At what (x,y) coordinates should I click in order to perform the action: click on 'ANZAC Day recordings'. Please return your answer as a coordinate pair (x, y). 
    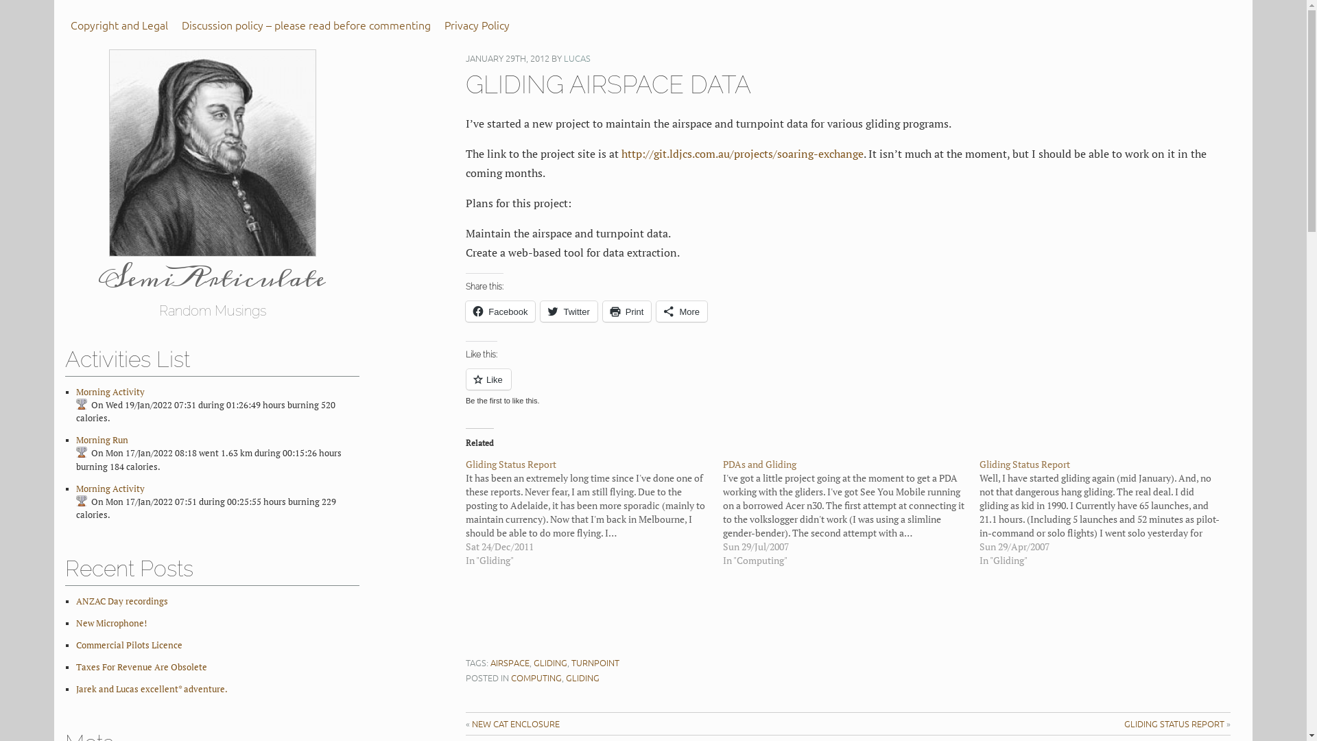
    Looking at the image, I should click on (121, 600).